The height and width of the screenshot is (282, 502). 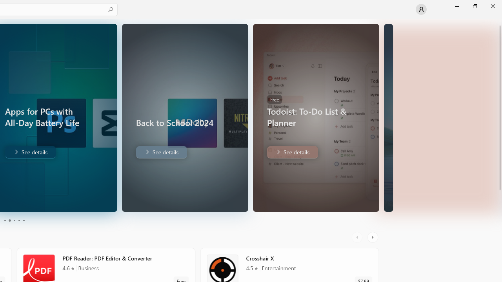 I want to click on 'Close Microsoft Store', so click(x=492, y=6).